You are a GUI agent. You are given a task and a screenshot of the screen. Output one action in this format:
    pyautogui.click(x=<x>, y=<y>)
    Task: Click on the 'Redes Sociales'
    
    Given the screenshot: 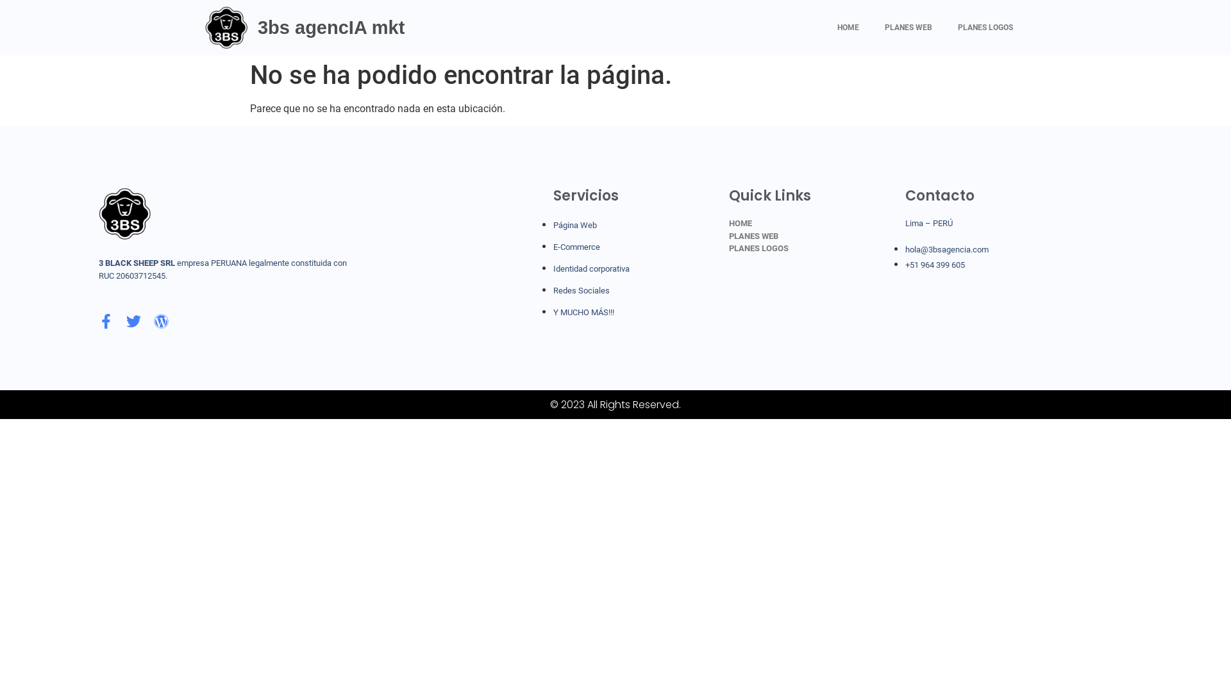 What is the action you would take?
    pyautogui.click(x=553, y=290)
    